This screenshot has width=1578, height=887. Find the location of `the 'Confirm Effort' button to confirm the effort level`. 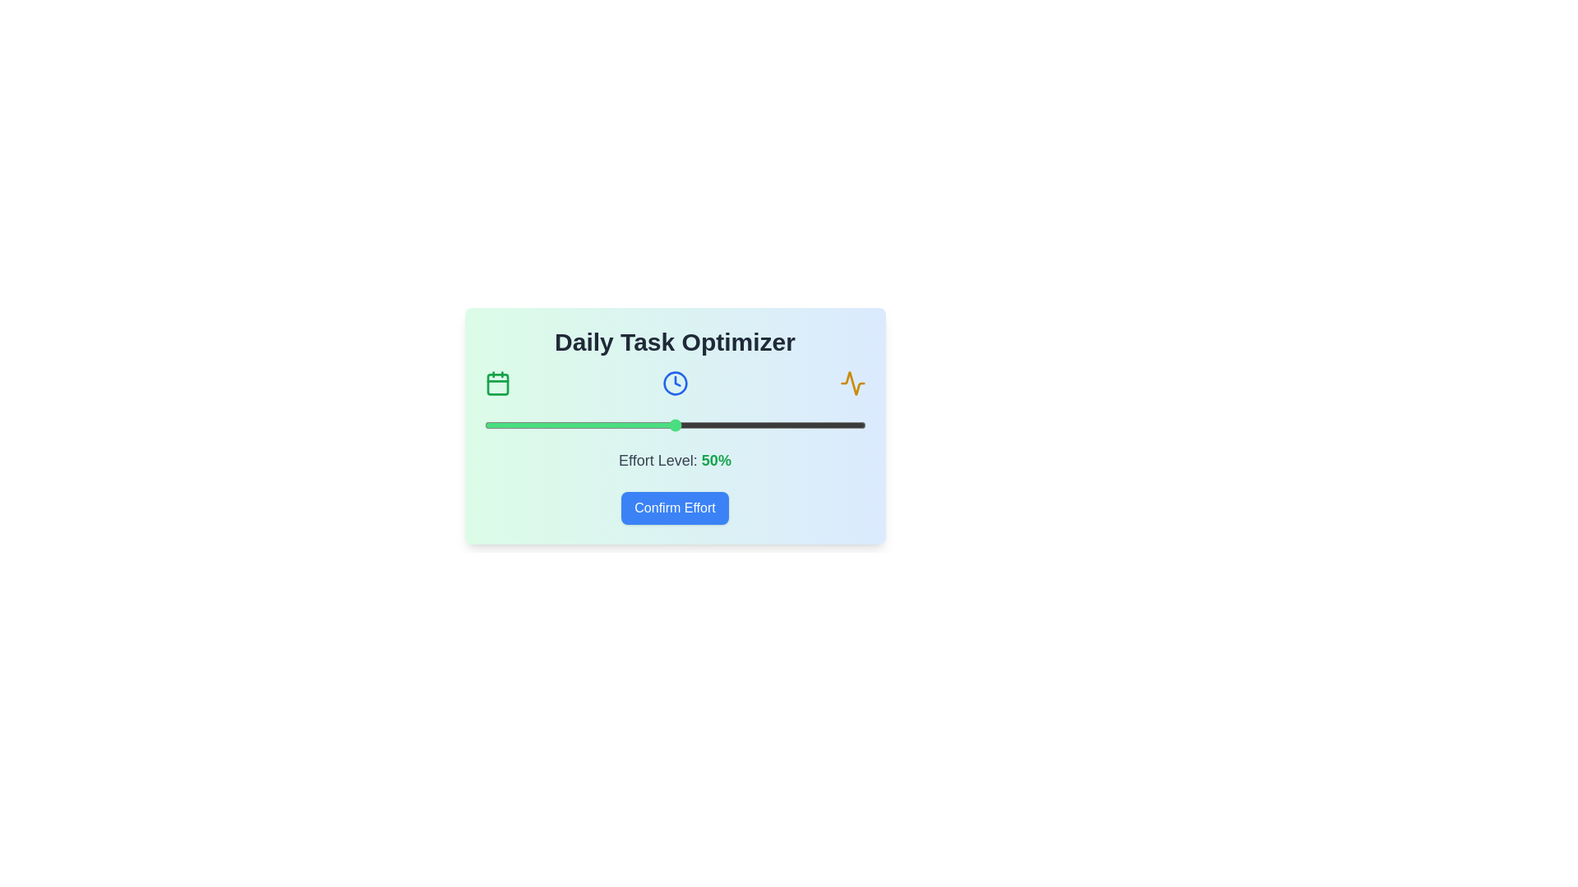

the 'Confirm Effort' button to confirm the effort level is located at coordinates (675, 507).